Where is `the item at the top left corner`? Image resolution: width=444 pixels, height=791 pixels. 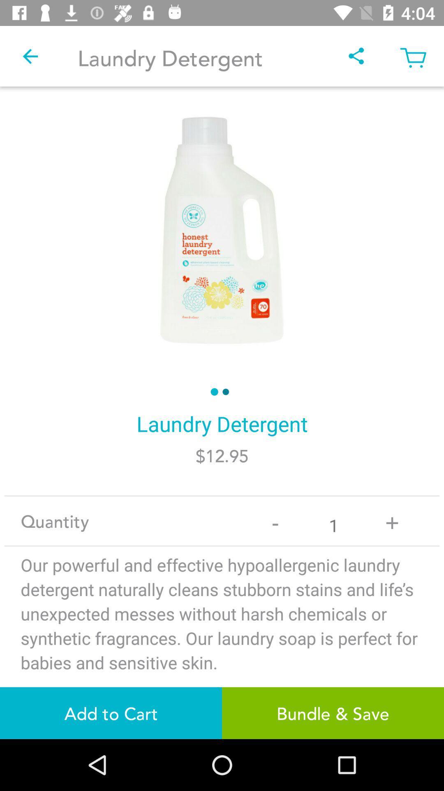
the item at the top left corner is located at coordinates (30, 56).